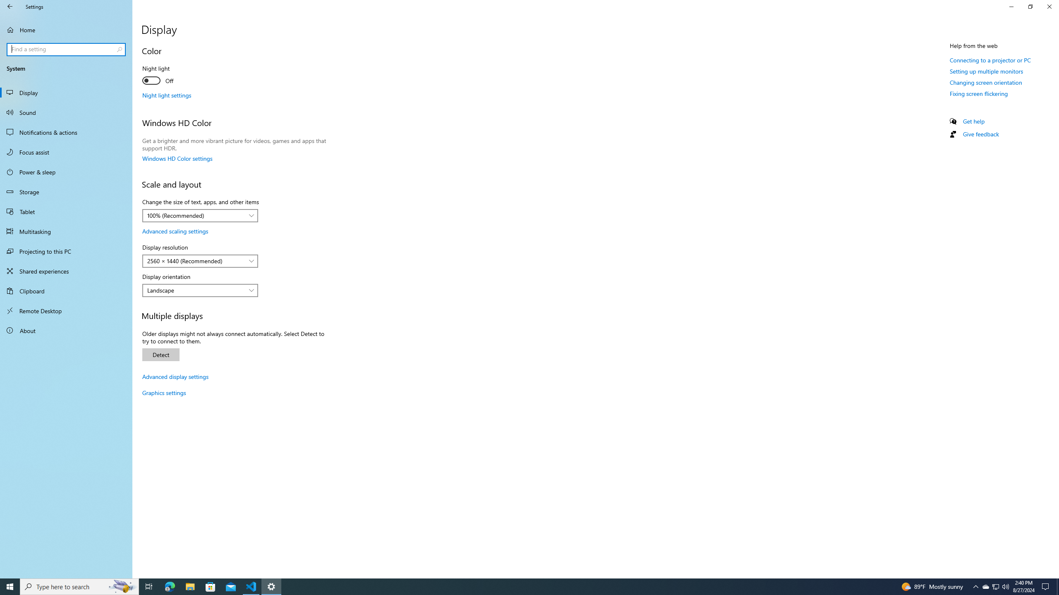 Image resolution: width=1059 pixels, height=595 pixels. Describe the element at coordinates (986, 71) in the screenshot. I see `'Setting up multiple monitors'` at that location.